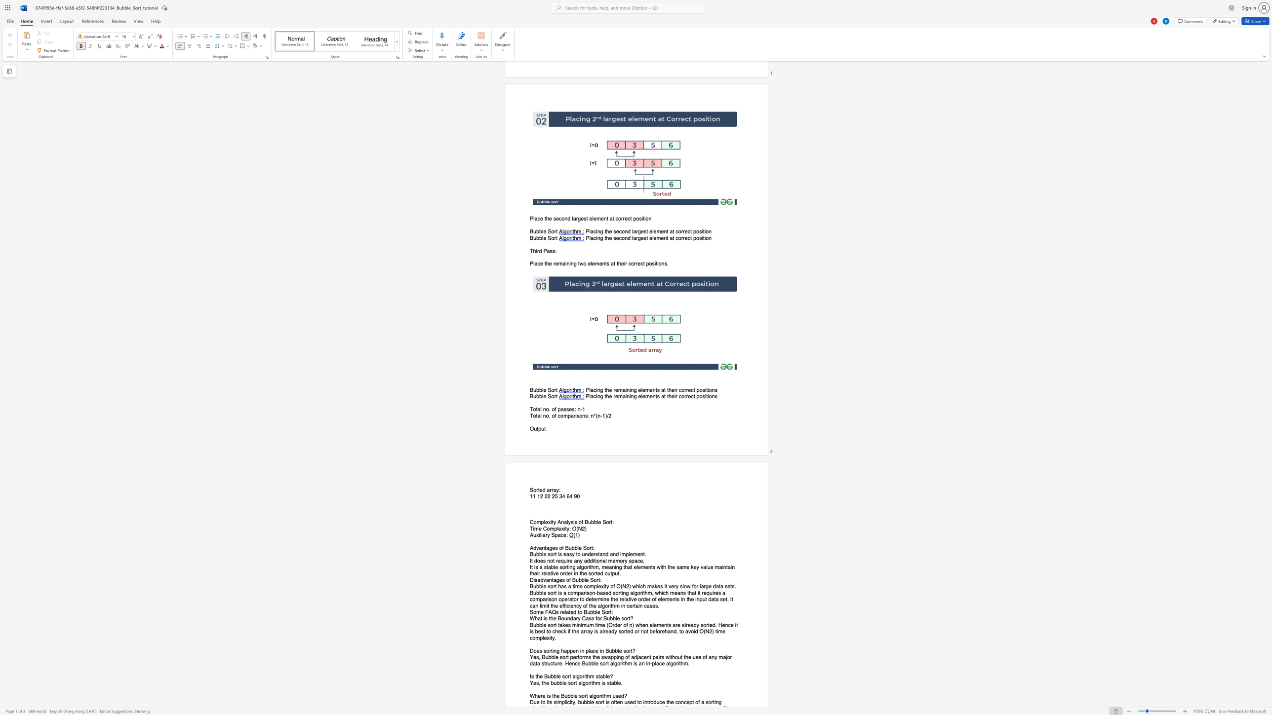 The height and width of the screenshot is (715, 1272). I want to click on the subset text "son-based sorting alg" within the text "Bubble sort is a comparison-based sorting algorithm, which means that it requires a comparison operator to", so click(587, 593).